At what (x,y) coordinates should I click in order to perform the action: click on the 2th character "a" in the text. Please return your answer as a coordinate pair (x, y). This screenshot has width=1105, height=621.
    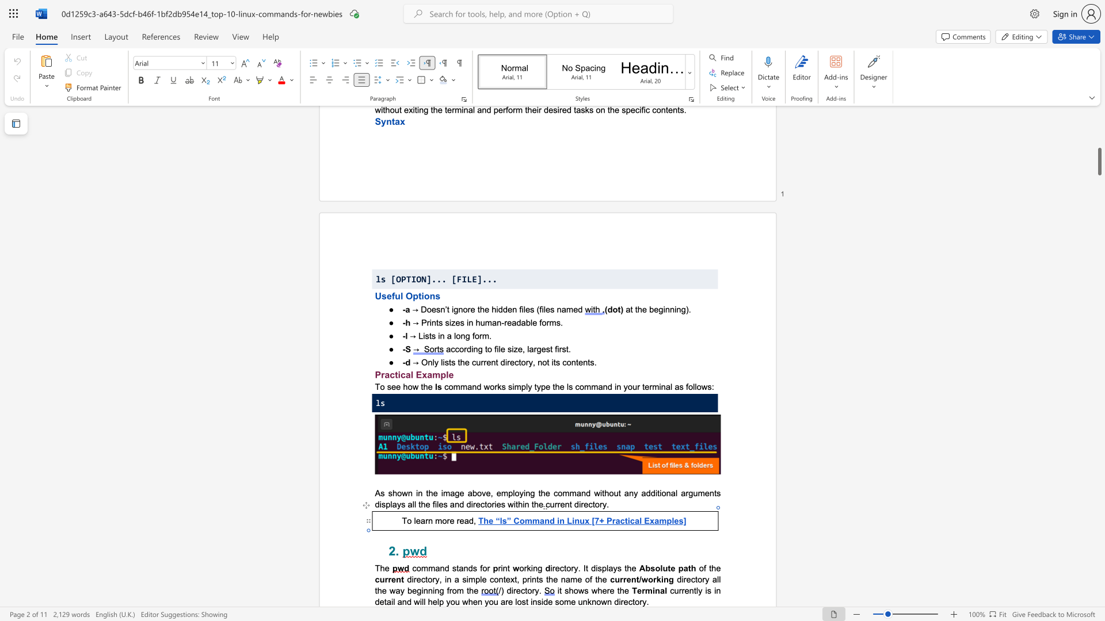
    Looking at the image, I should click on (399, 601).